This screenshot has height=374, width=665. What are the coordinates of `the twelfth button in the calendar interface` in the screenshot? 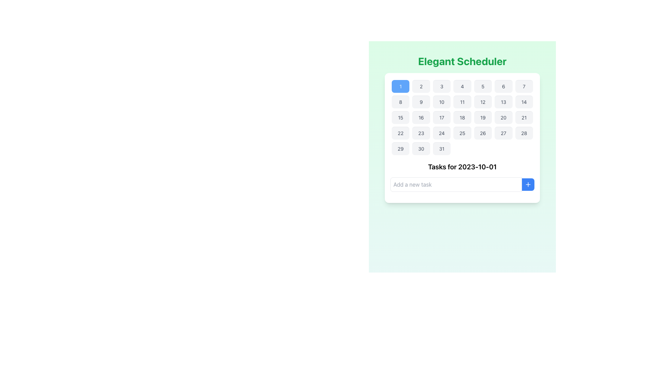 It's located at (482, 102).